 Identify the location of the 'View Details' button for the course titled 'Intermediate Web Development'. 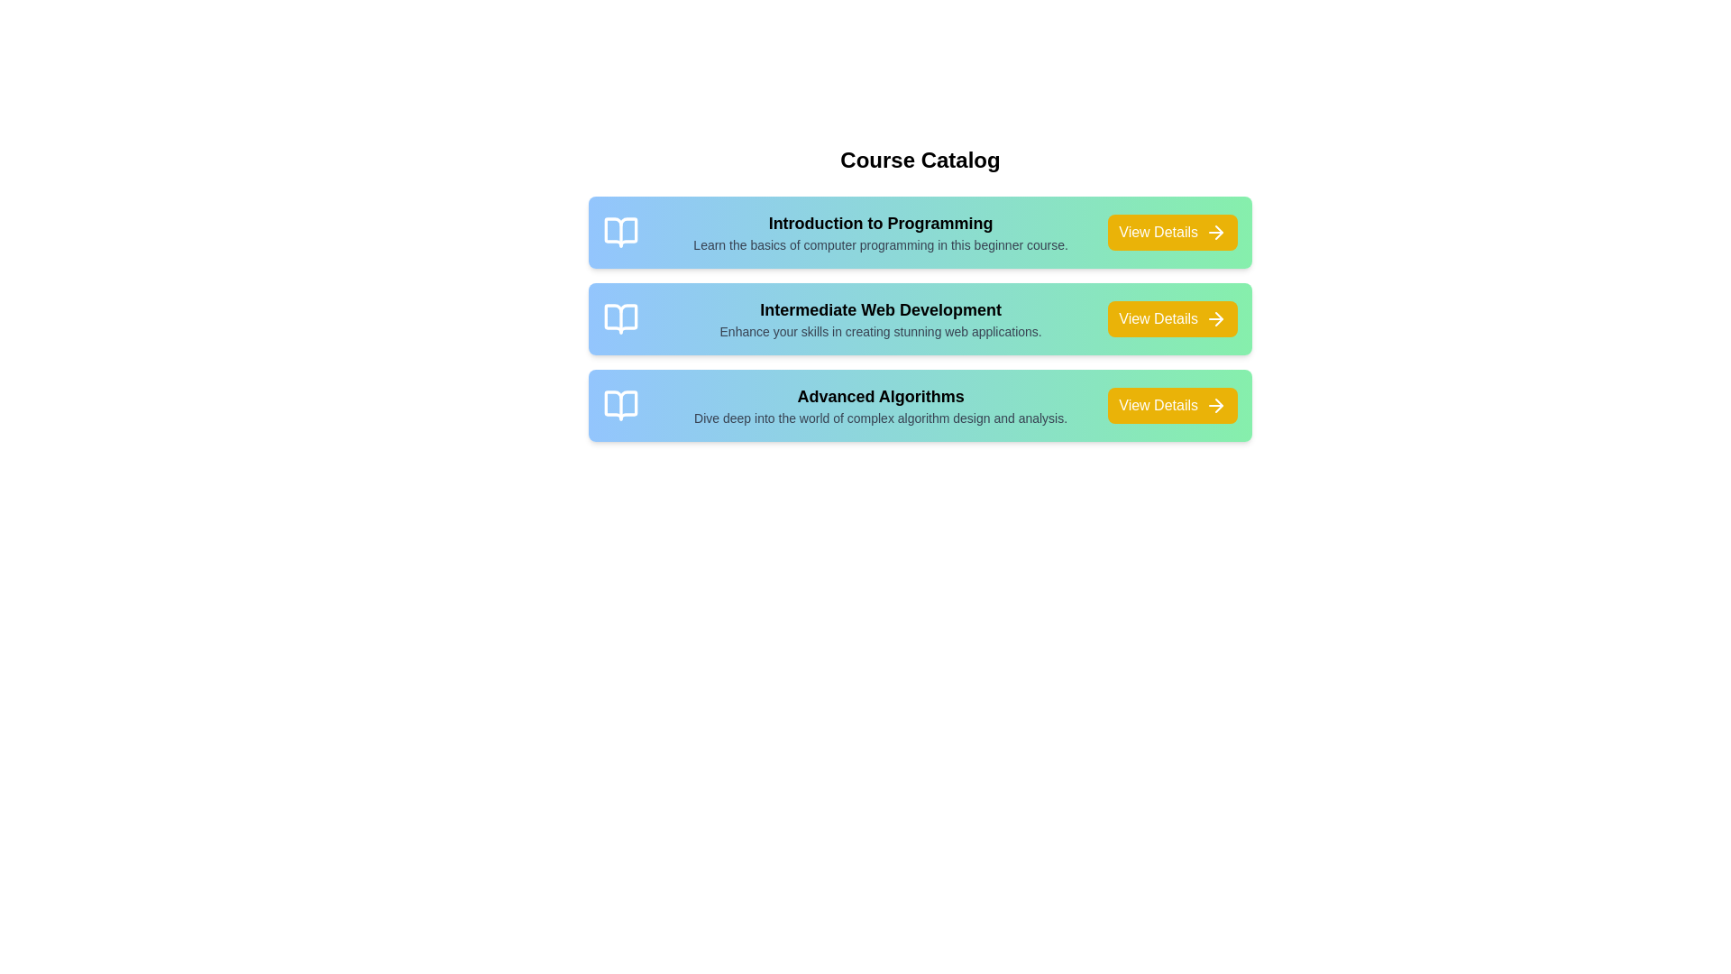
(1173, 318).